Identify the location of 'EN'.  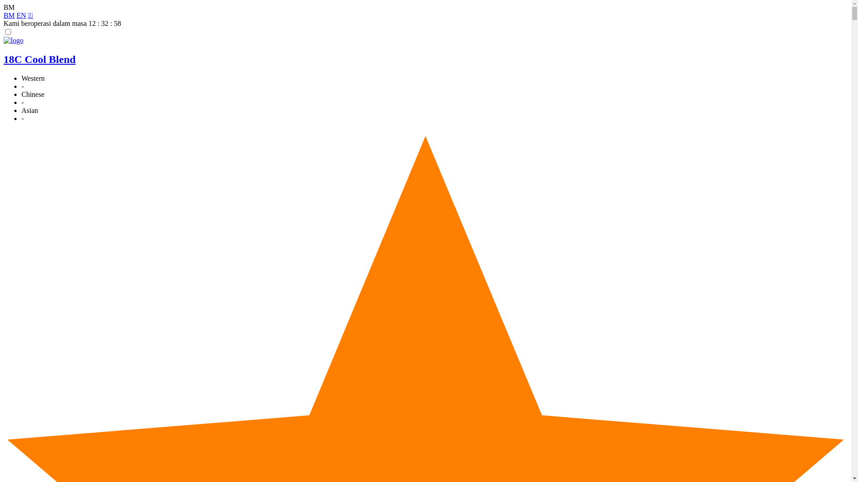
(21, 15).